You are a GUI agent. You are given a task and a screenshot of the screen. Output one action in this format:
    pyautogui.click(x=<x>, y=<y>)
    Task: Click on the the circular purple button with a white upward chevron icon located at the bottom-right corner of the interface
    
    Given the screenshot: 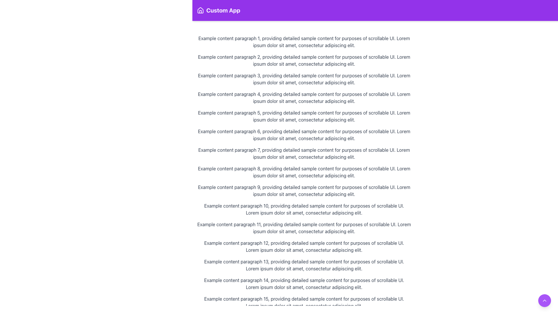 What is the action you would take?
    pyautogui.click(x=544, y=300)
    